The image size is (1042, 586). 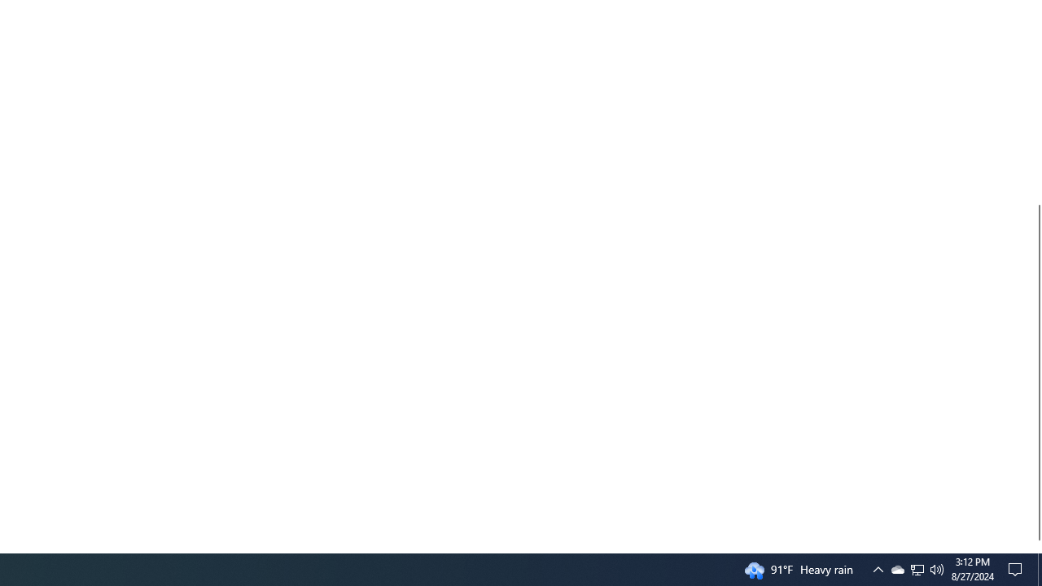 I want to click on 'User Promoted Notification Area', so click(x=917, y=568).